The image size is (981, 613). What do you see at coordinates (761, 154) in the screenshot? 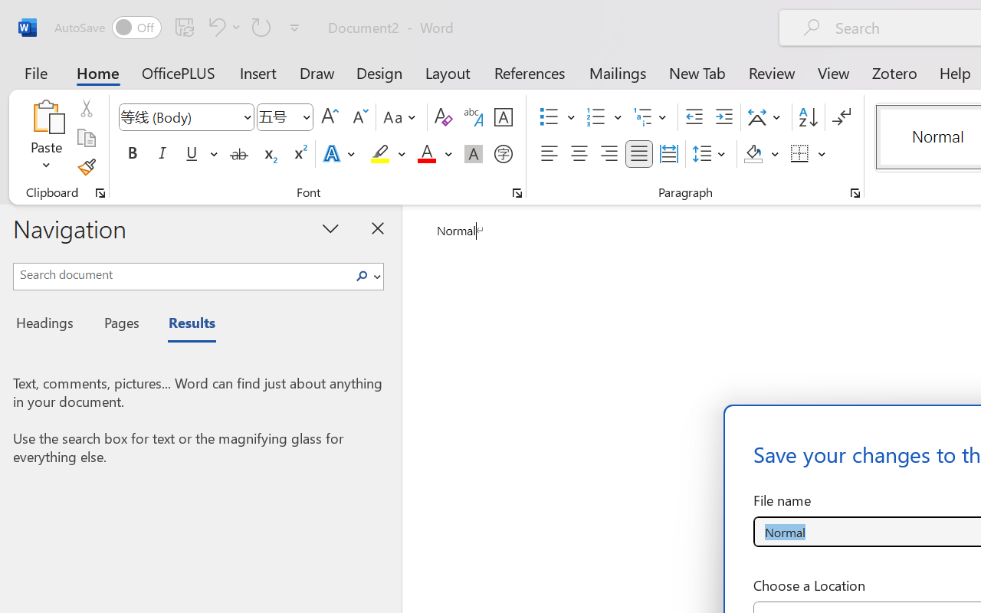
I see `'Shading'` at bounding box center [761, 154].